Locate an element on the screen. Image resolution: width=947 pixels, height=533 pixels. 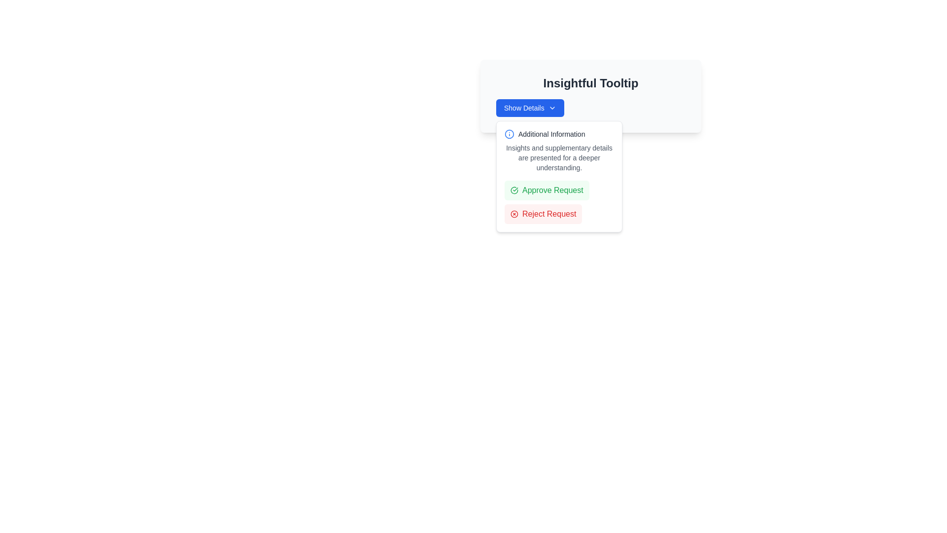
the circular outline SVG Circle element located in the top-left corner of the layout is located at coordinates (513, 214).